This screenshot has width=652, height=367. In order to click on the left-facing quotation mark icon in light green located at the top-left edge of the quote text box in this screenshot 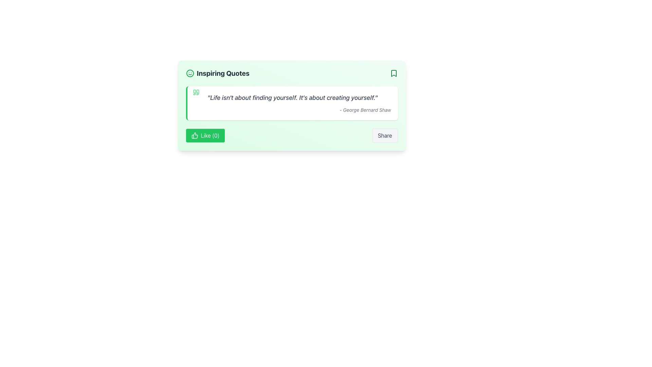, I will do `click(194, 92)`.